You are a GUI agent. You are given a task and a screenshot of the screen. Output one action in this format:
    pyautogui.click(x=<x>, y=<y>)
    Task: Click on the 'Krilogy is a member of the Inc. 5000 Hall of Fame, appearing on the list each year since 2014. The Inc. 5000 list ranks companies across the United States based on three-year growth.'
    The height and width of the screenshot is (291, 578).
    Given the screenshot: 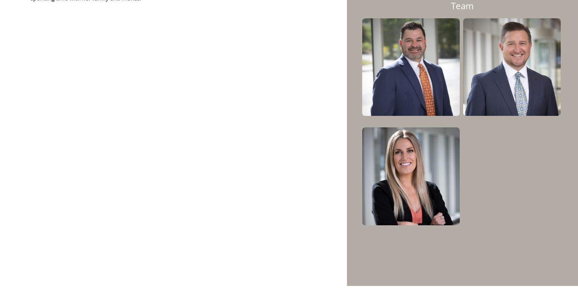 What is the action you would take?
    pyautogui.click(x=348, y=173)
    